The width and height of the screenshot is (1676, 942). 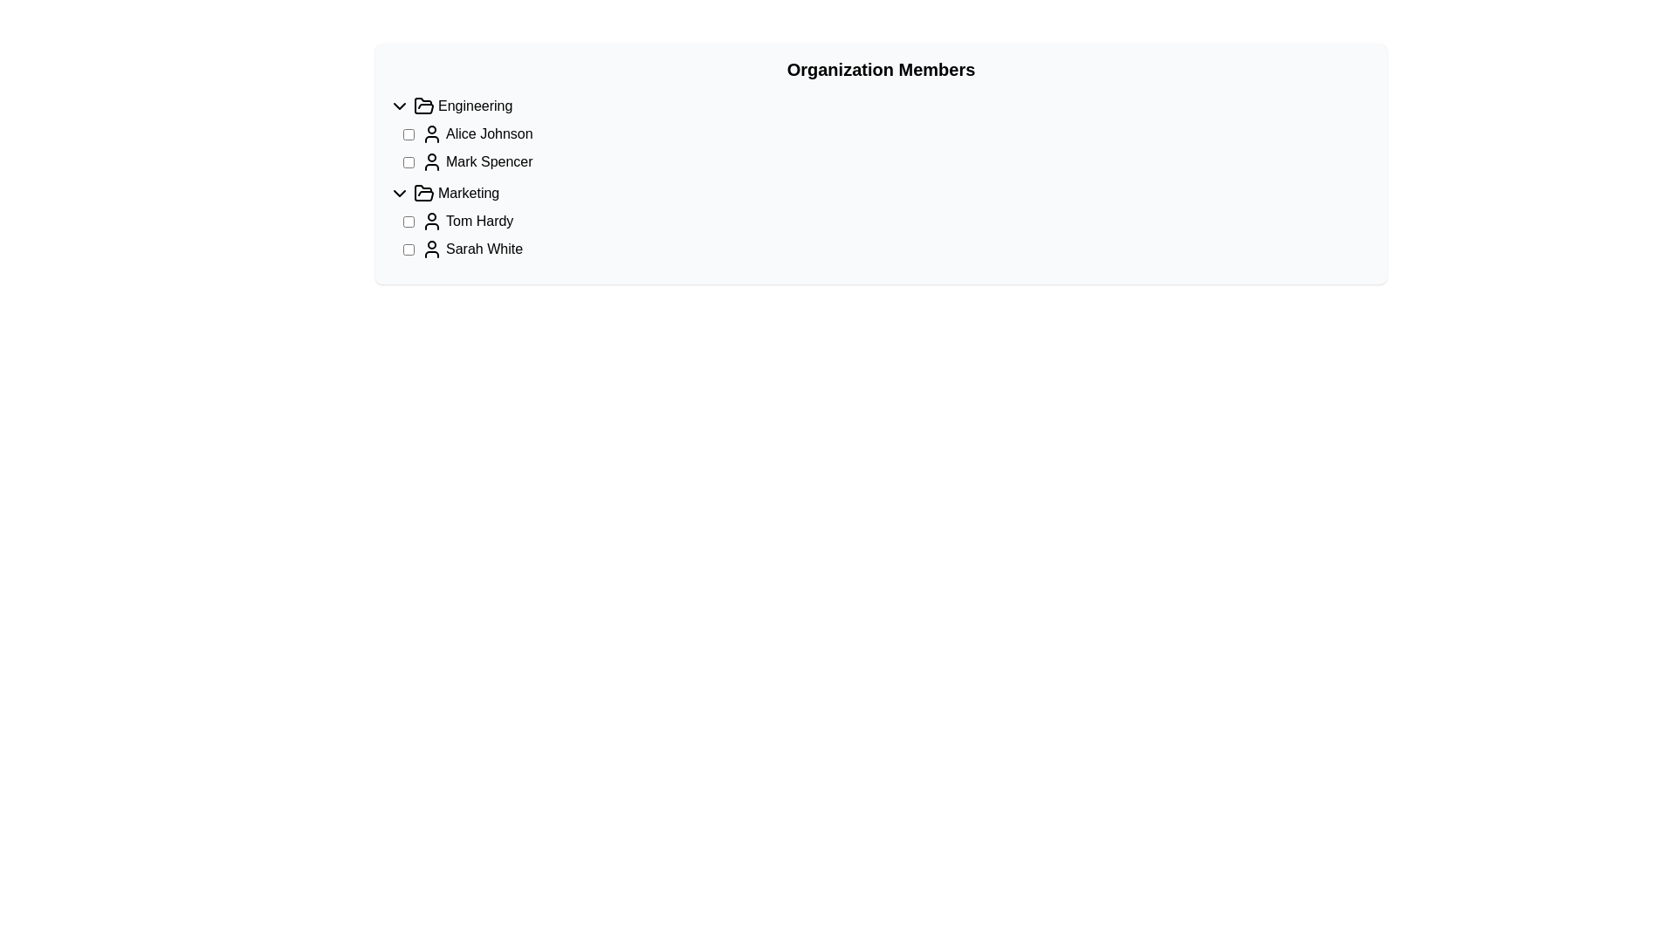 What do you see at coordinates (408, 249) in the screenshot?
I see `the checkbox for 'Sarah White', which is the leftmost element in its row, positioned before the avatar icon and text` at bounding box center [408, 249].